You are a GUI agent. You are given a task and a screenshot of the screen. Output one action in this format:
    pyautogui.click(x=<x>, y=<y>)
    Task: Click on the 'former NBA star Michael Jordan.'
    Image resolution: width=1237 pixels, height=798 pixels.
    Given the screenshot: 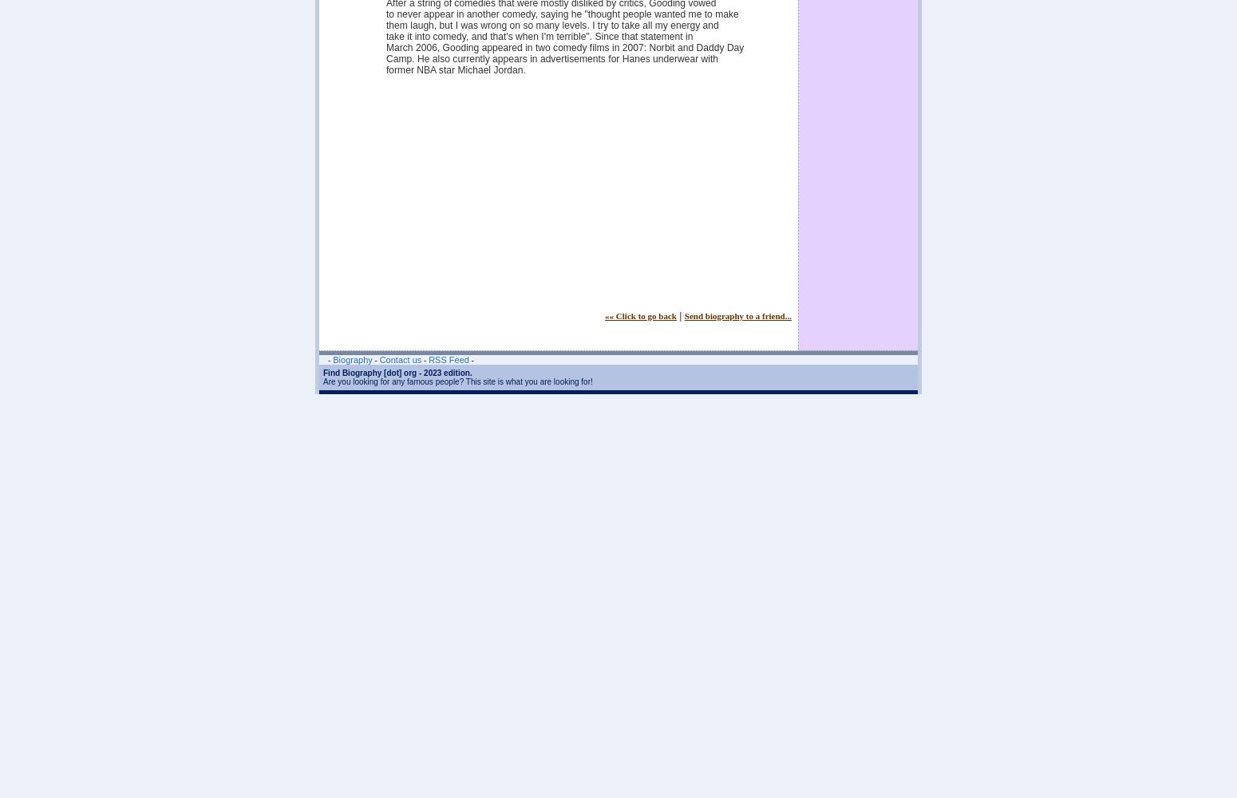 What is the action you would take?
    pyautogui.click(x=528, y=69)
    